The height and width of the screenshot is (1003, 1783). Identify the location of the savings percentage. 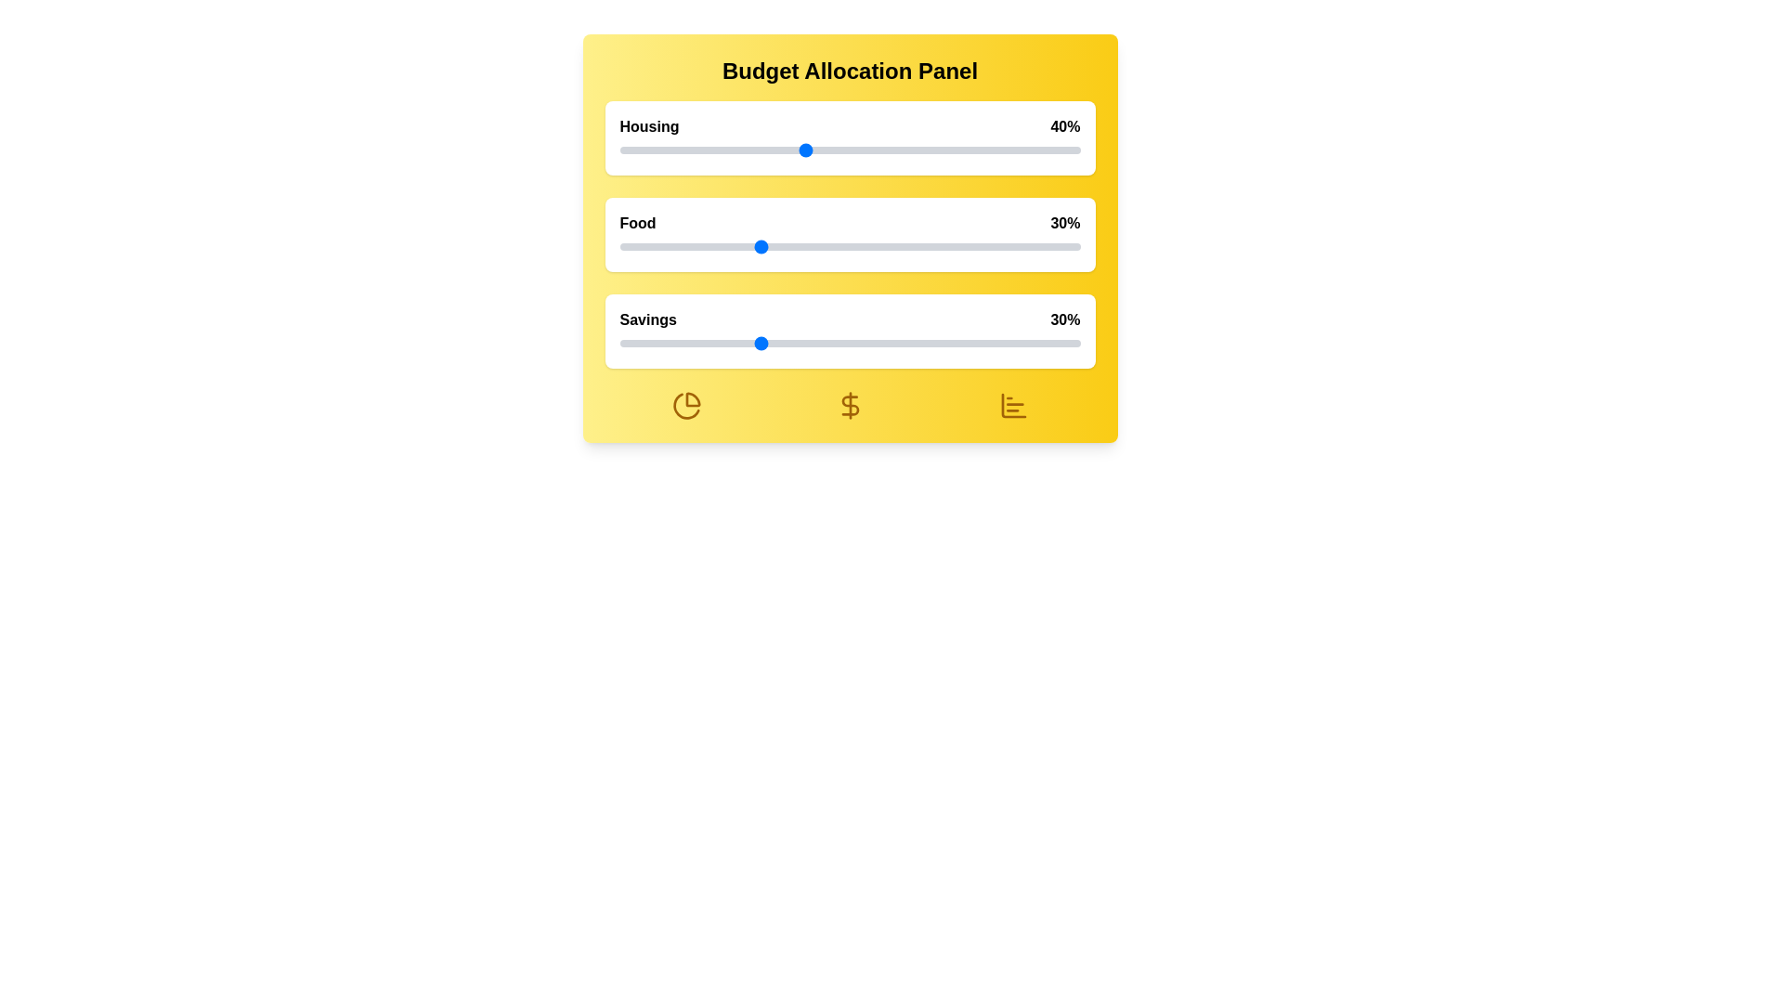
(744, 344).